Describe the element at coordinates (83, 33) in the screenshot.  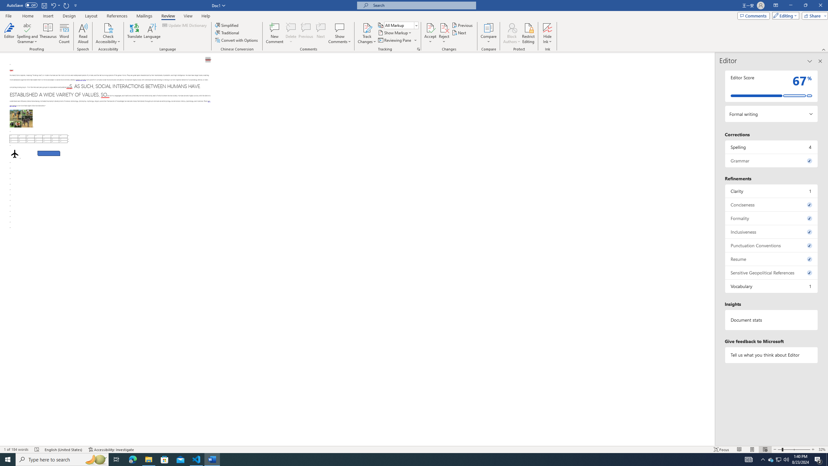
I see `'Read Aloud'` at that location.